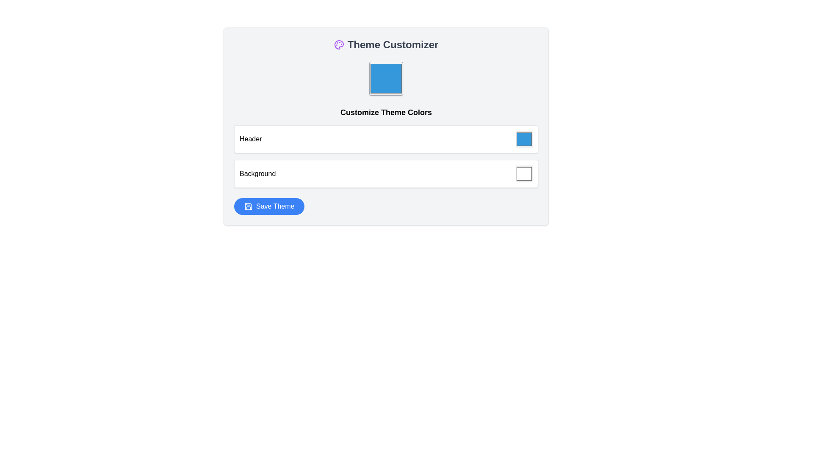 The height and width of the screenshot is (457, 813). Describe the element at coordinates (339, 44) in the screenshot. I see `the painter's palette icon representing the theme customization feature located beside the 'Theme Customizer' text at the top of the page` at that location.